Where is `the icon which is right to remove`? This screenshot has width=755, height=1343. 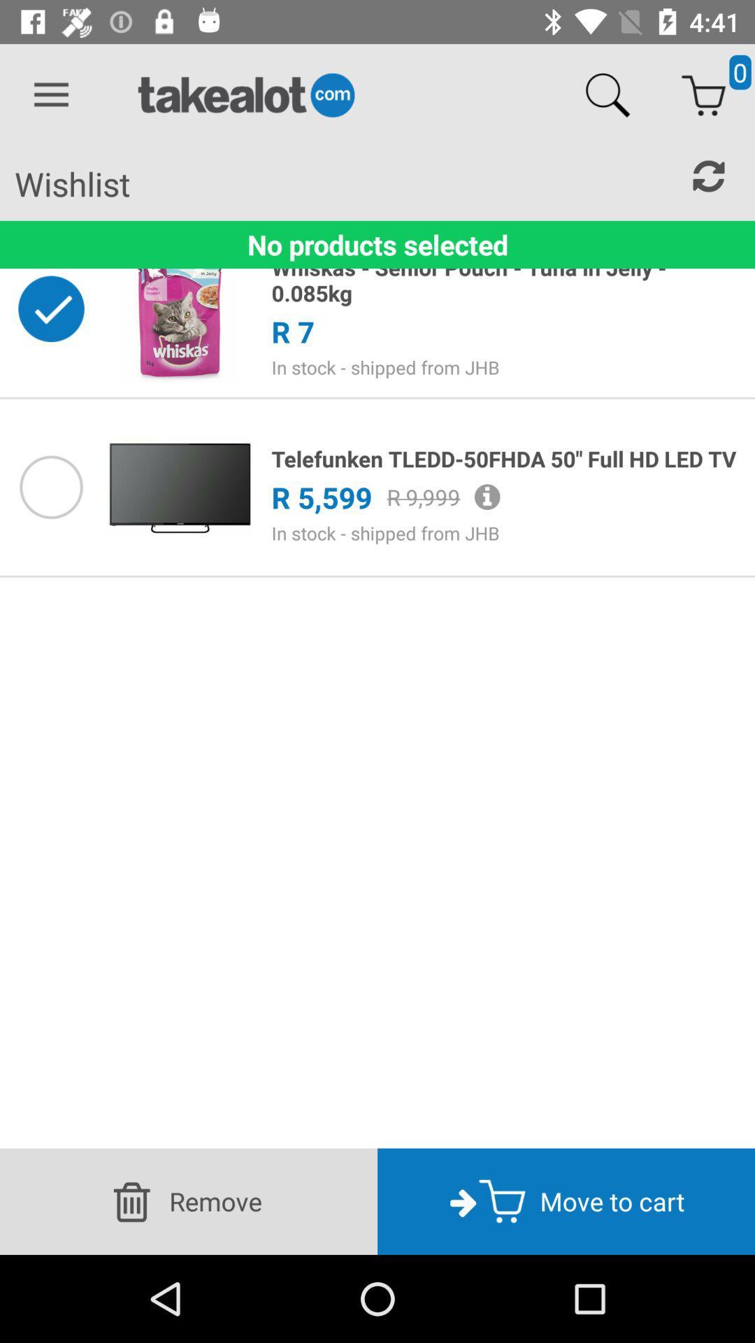 the icon which is right to remove is located at coordinates (463, 1200).